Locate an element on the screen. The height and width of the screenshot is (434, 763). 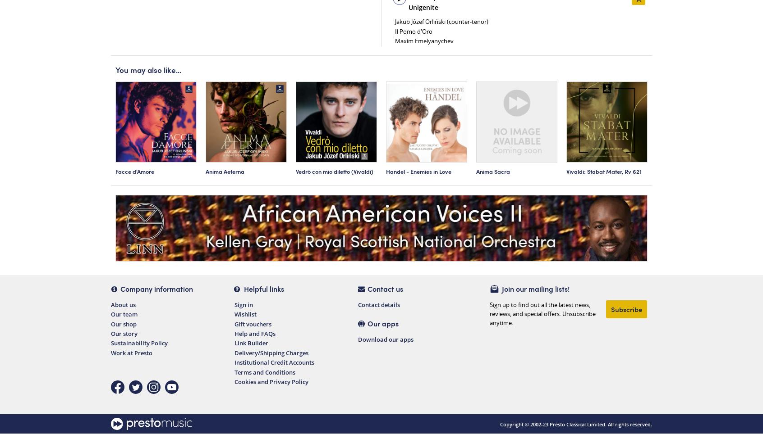
'Il Pomo d'Oro' is located at coordinates (413, 31).